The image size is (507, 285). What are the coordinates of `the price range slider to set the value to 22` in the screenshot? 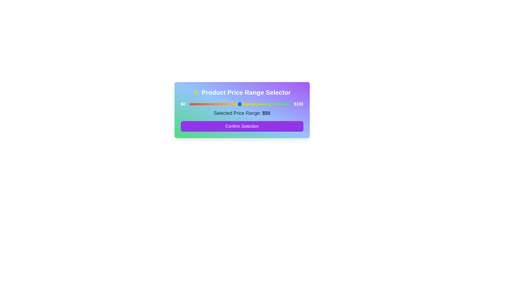 It's located at (212, 104).